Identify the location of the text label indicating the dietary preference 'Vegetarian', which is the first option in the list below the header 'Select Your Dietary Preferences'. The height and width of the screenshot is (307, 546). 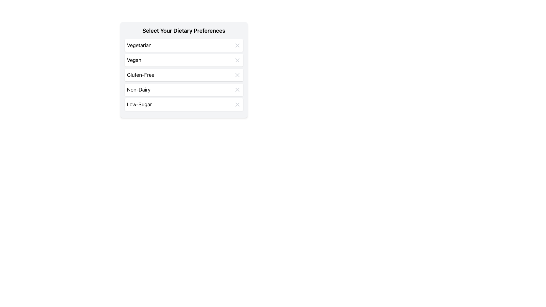
(139, 45).